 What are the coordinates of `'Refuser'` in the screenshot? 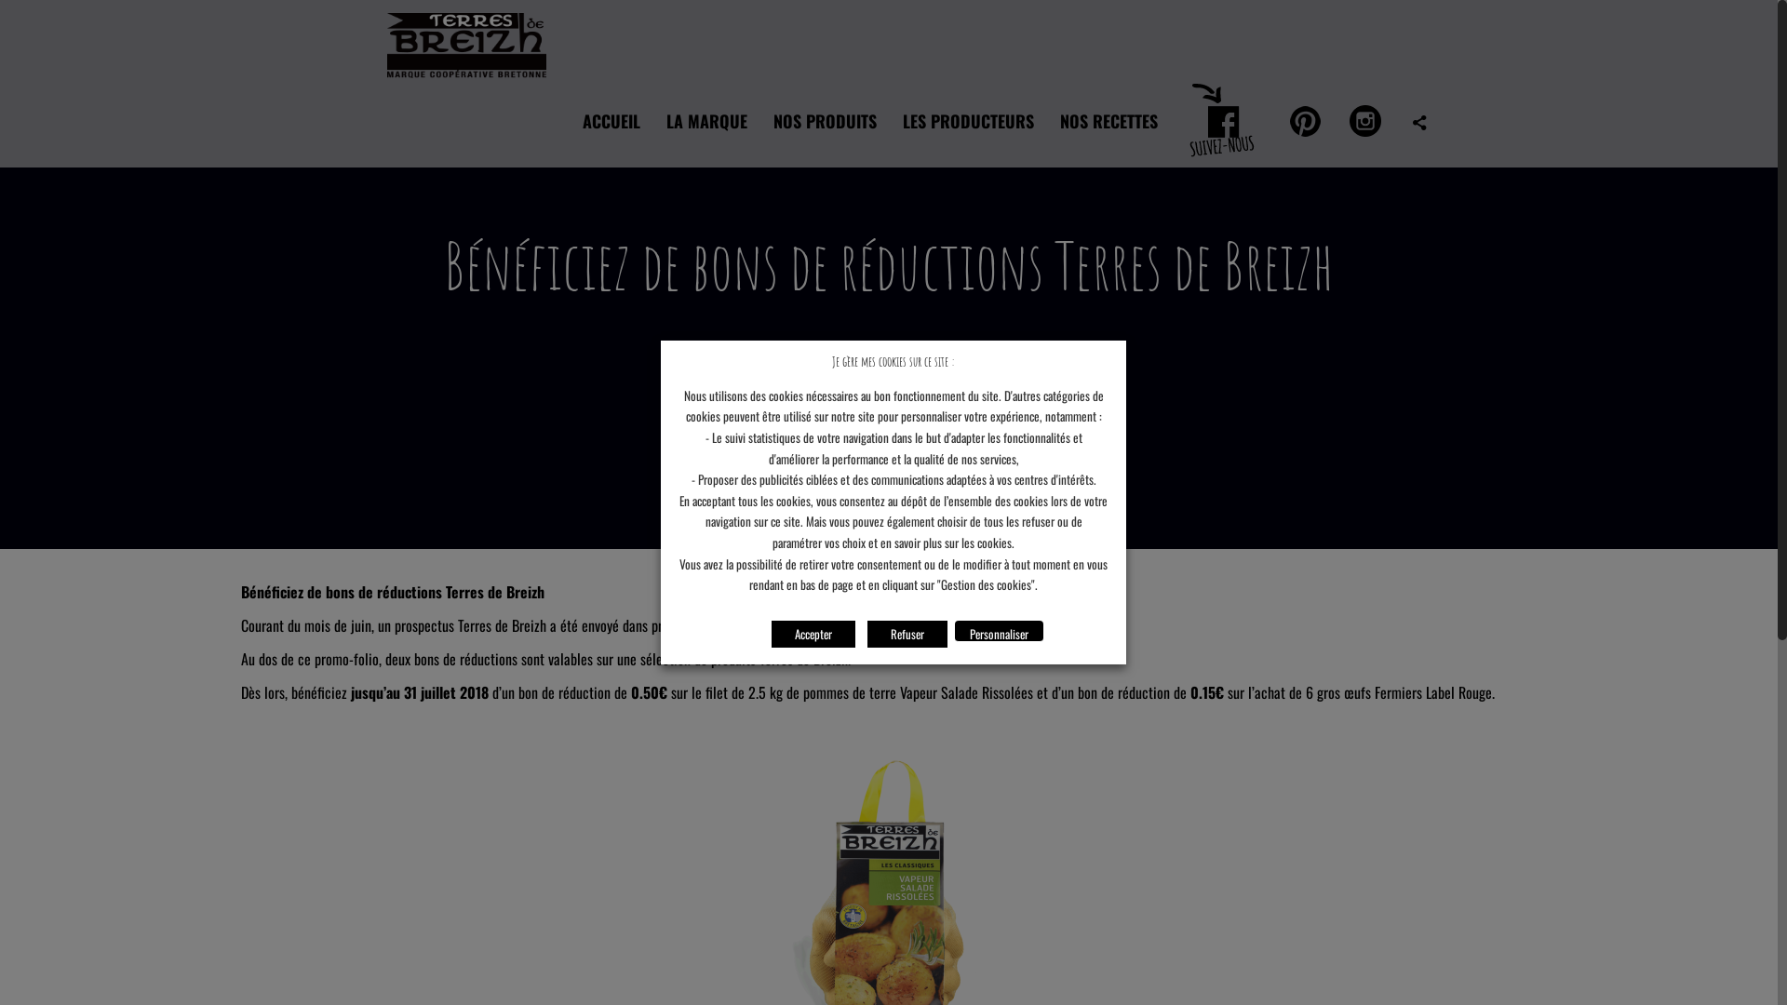 It's located at (907, 633).